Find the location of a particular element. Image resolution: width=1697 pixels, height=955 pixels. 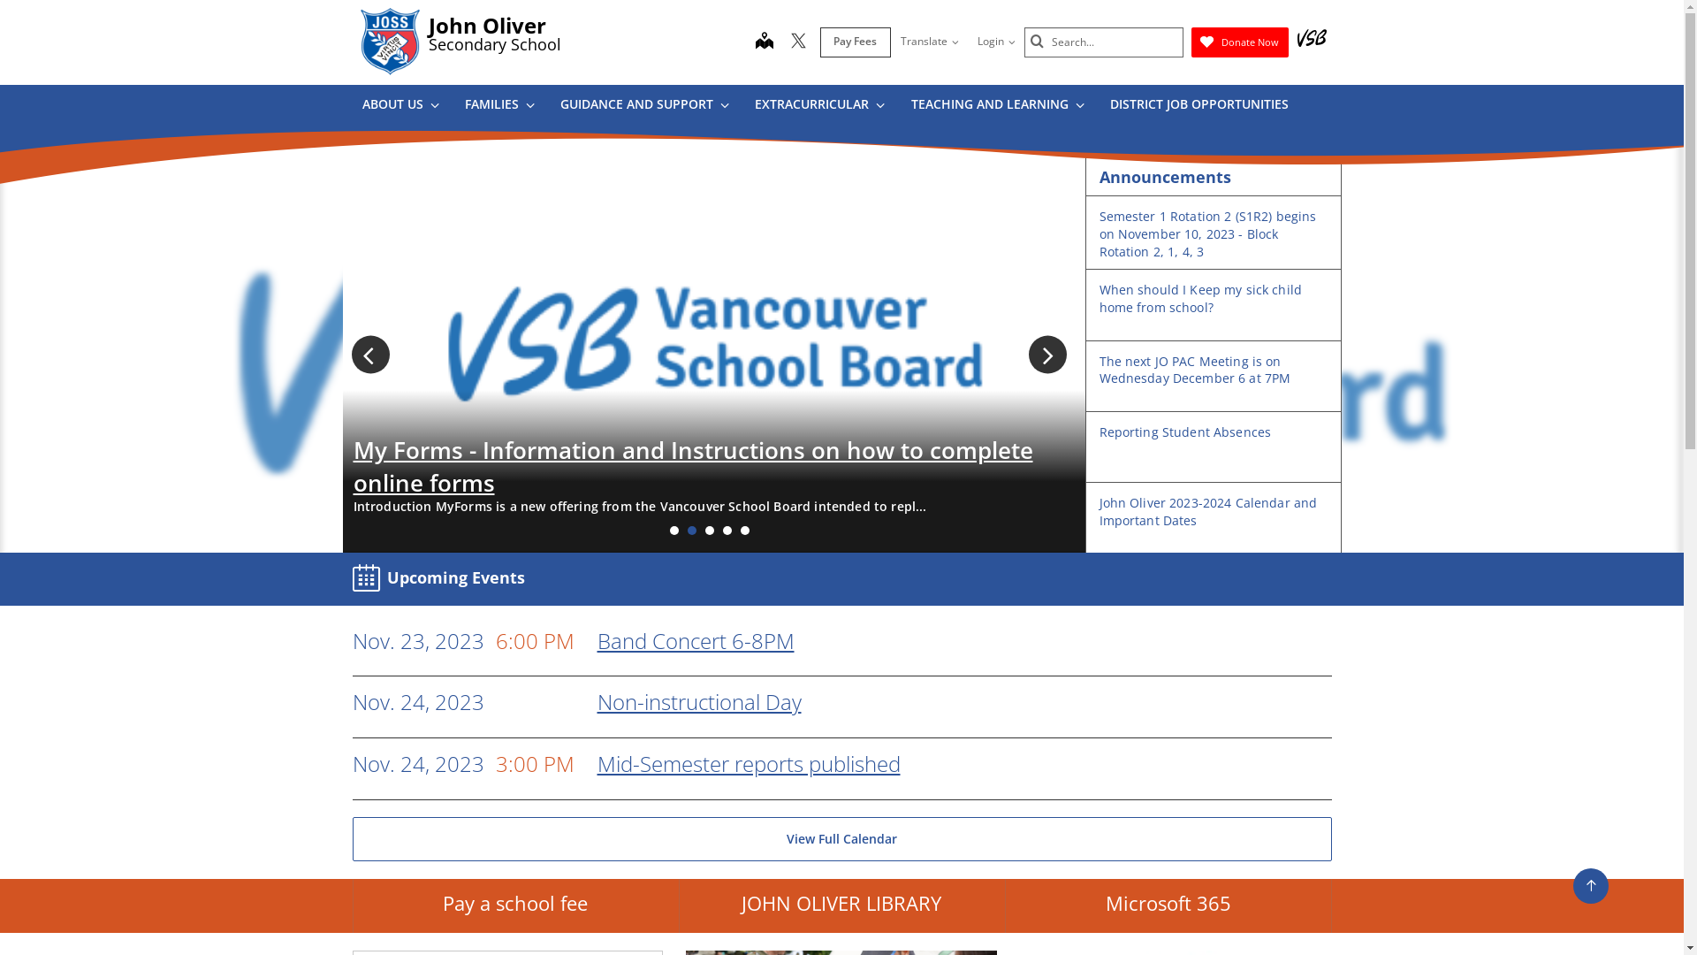

'Go to top' is located at coordinates (1591, 886).